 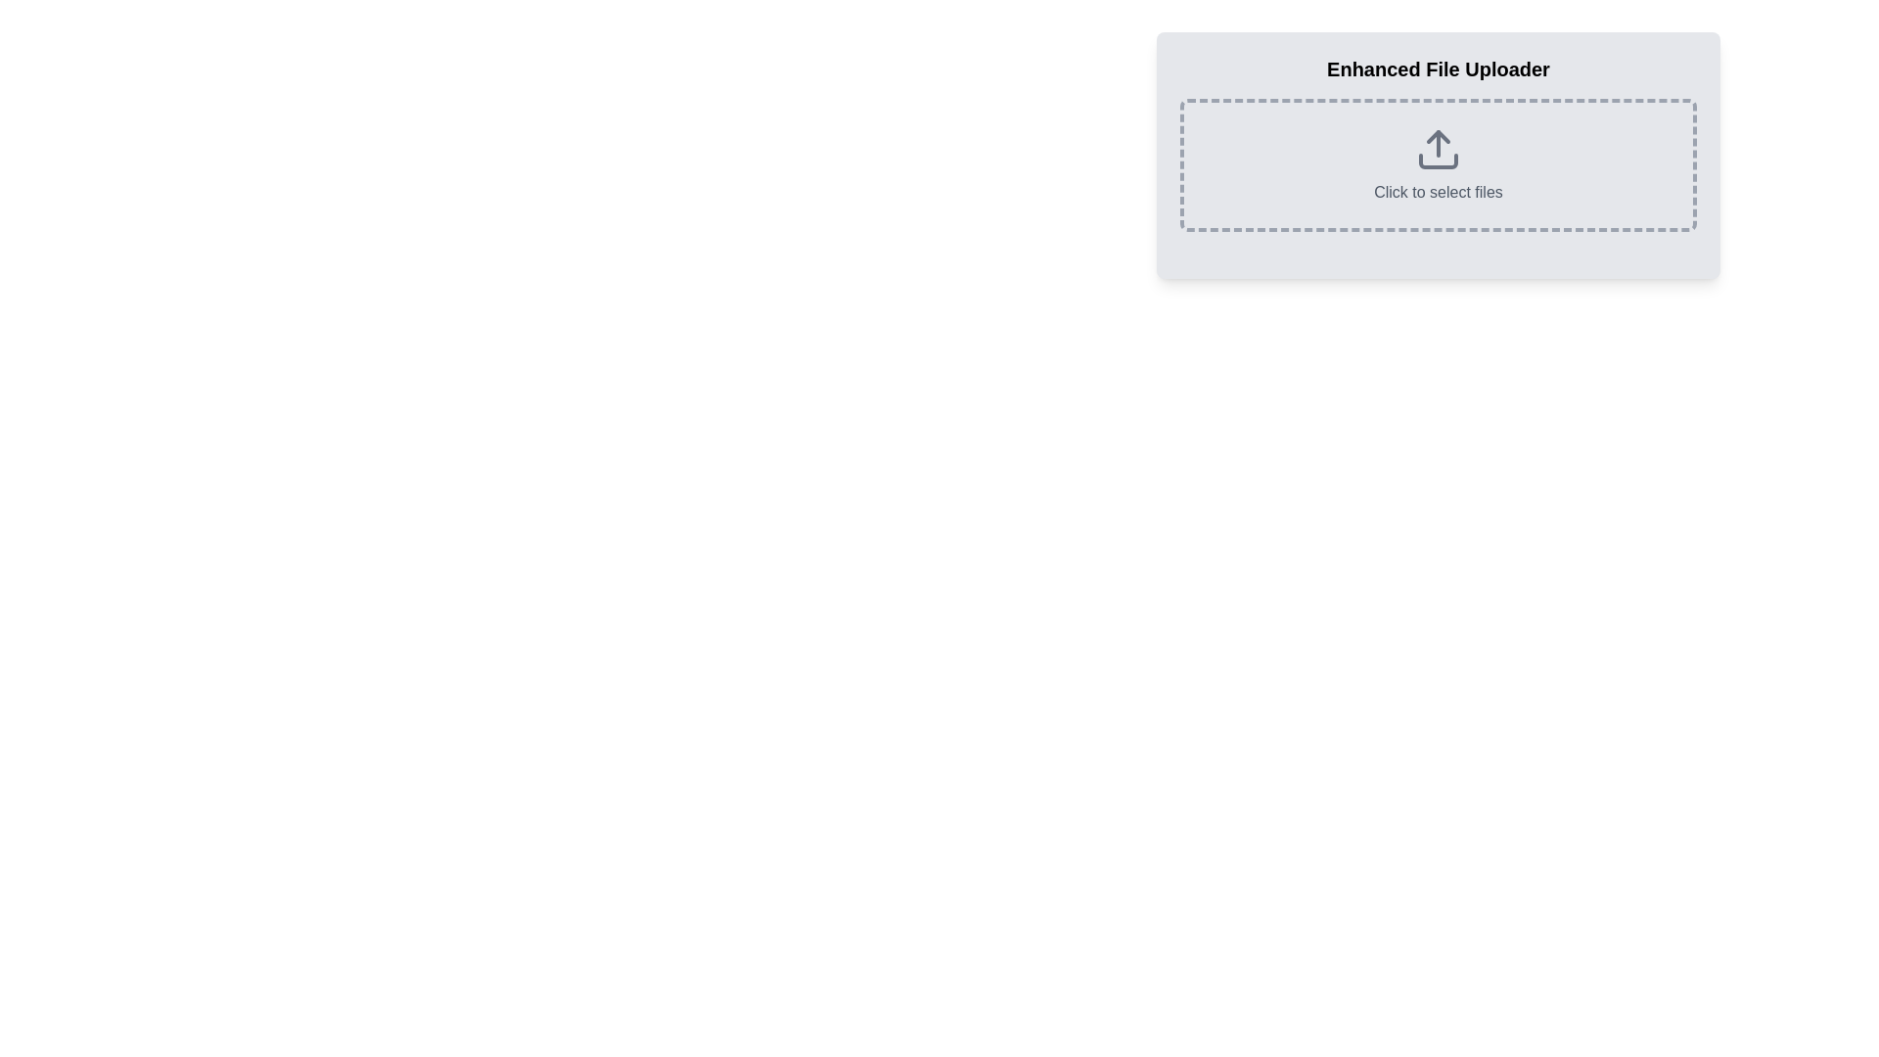 I want to click on the horizontal bar component of the upload icon, which is styled as part of the icon and located below the arrow symbol, so click(x=1438, y=161).